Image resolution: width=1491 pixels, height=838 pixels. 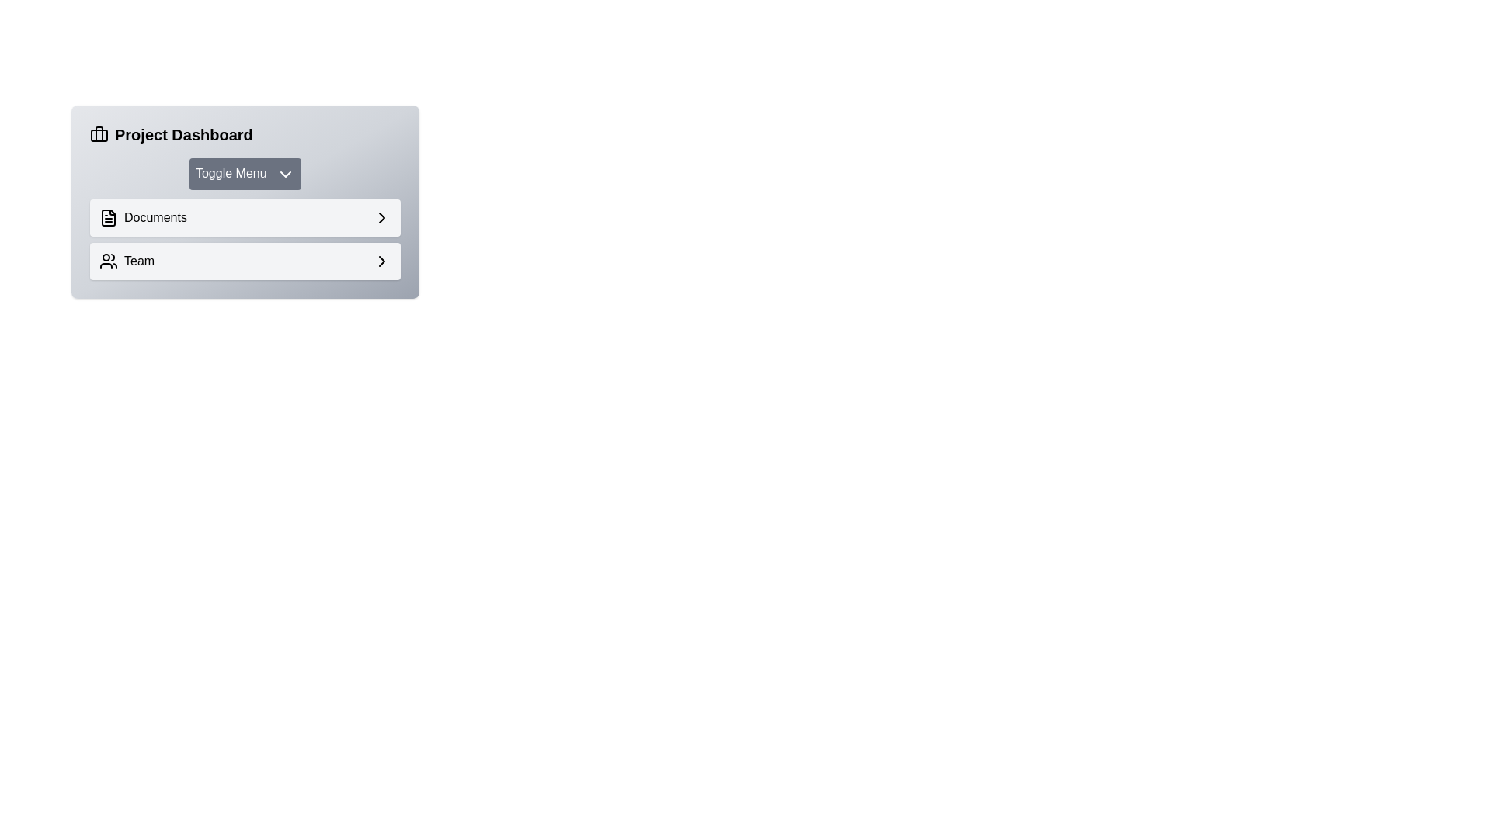 What do you see at coordinates (245, 259) in the screenshot?
I see `the button related to 'Team' located centrally below 'Project Dashboard' in the menu` at bounding box center [245, 259].